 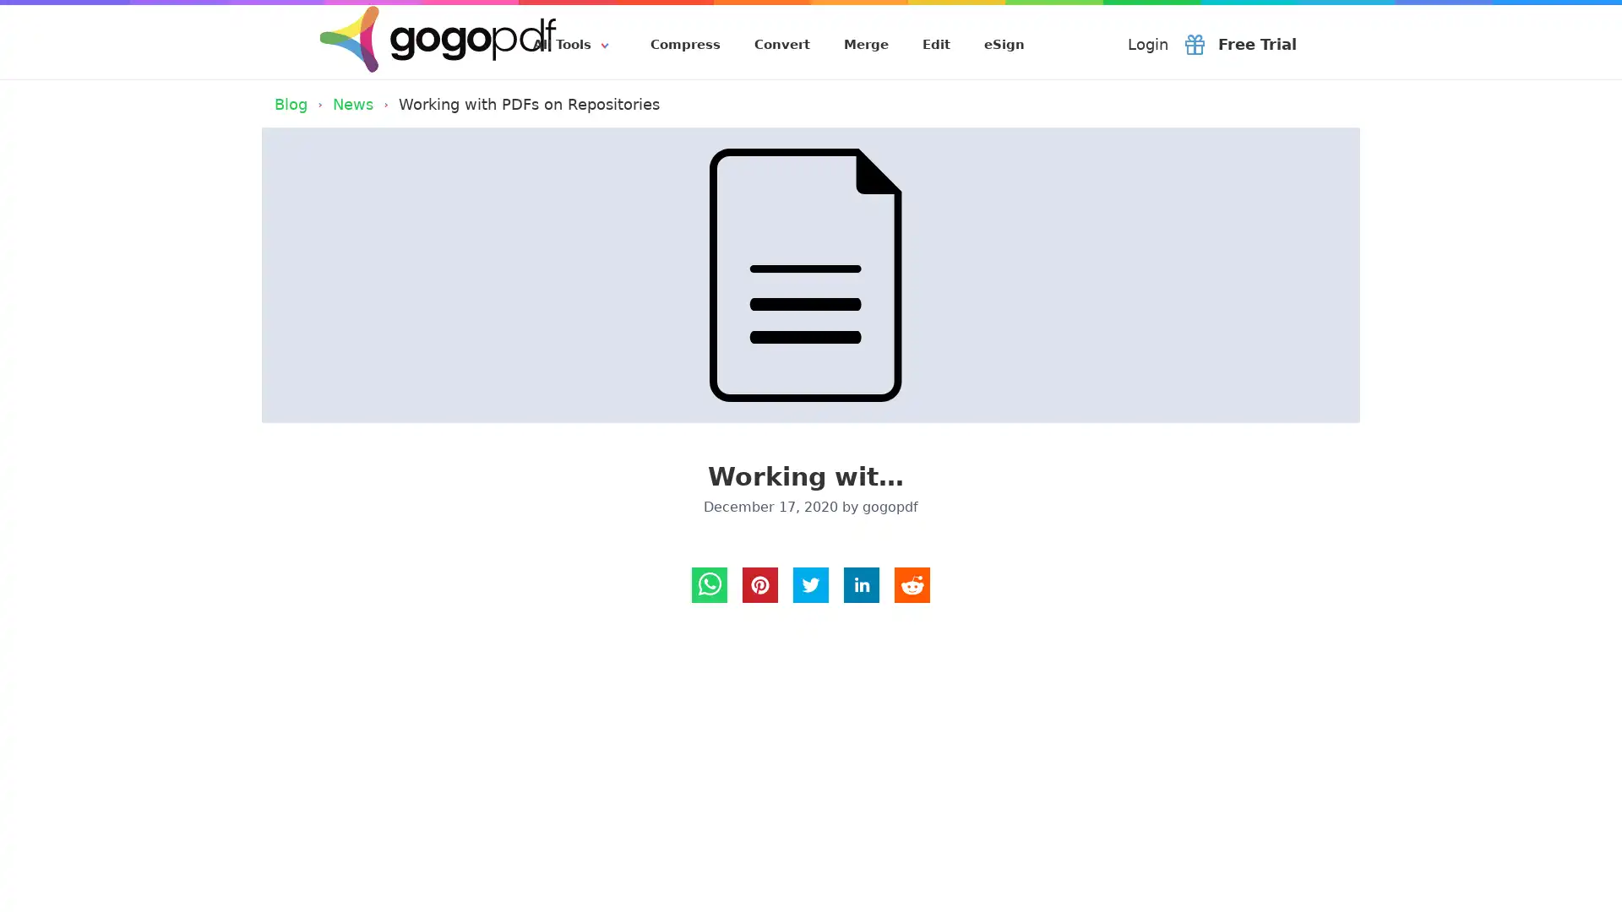 What do you see at coordinates (759, 584) in the screenshot?
I see `Pinterest` at bounding box center [759, 584].